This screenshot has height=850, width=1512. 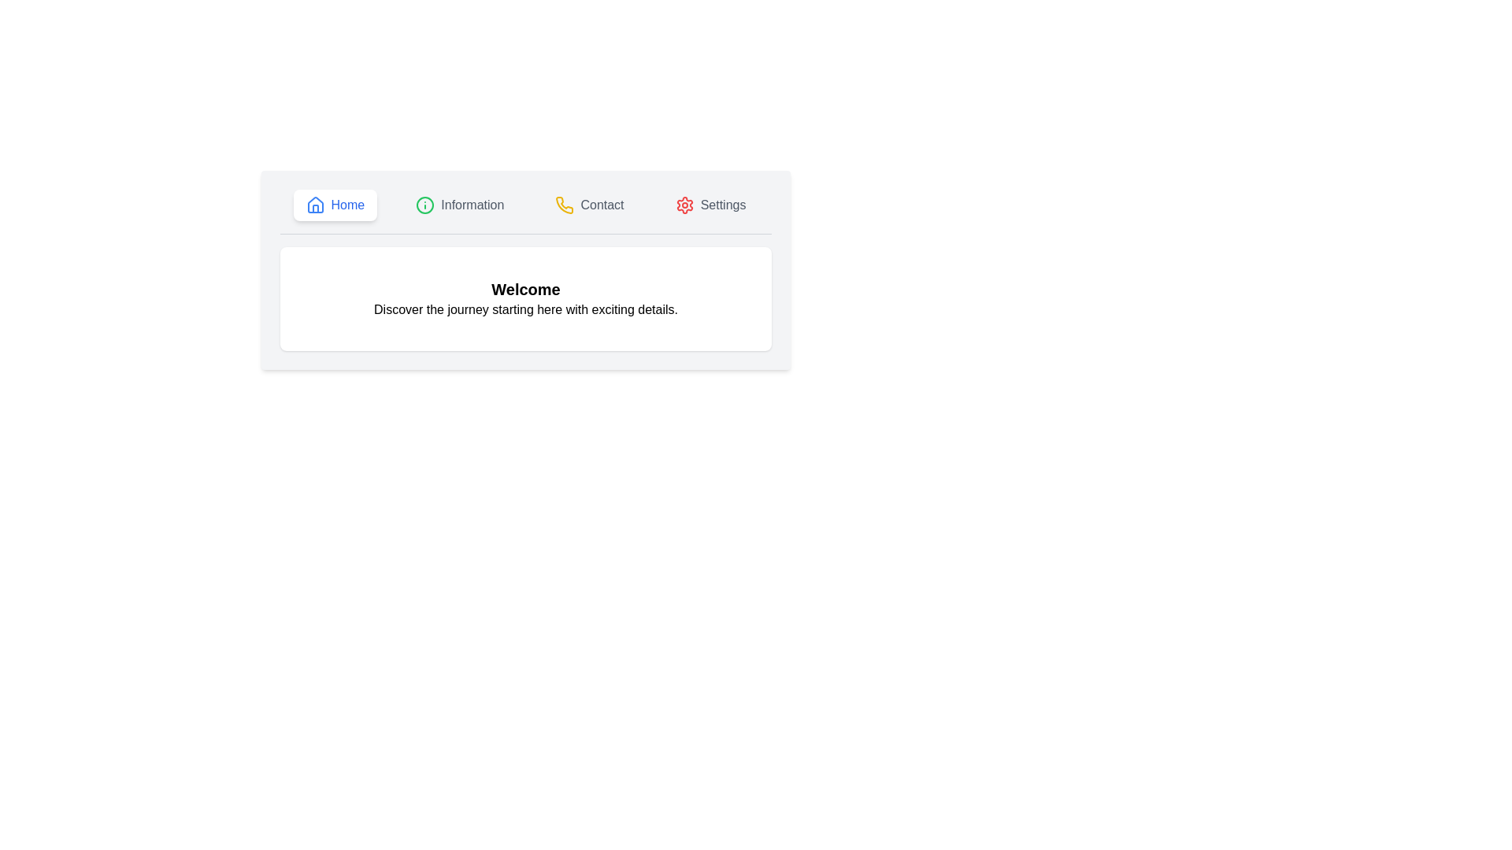 What do you see at coordinates (710, 205) in the screenshot?
I see `the 'Settings' button, which has a light gray background and a gear icon on its left, to trigger its visual effect` at bounding box center [710, 205].